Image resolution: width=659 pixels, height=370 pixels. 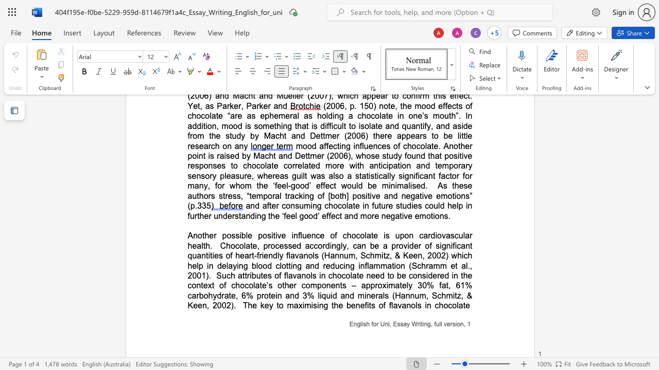 I want to click on the space between the continuous character "m" and "i" in the text, so click(x=452, y=295).